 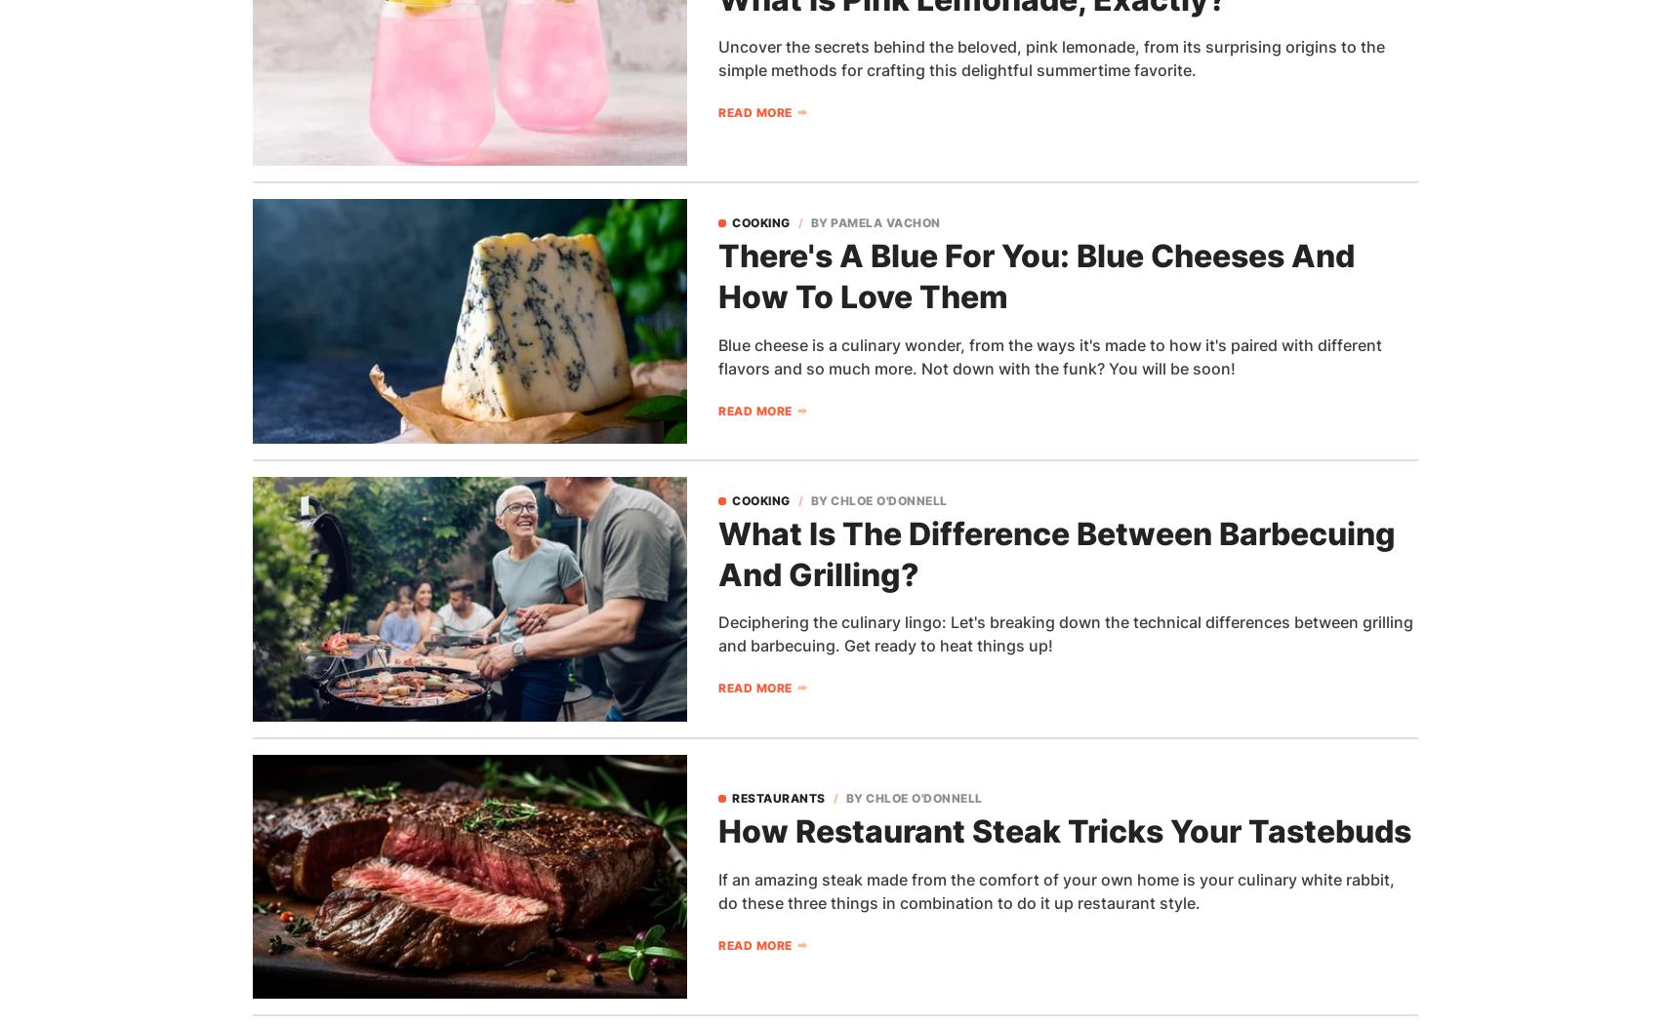 What do you see at coordinates (1065, 634) in the screenshot?
I see `'Deciphering the culinary lingo: Let's breaking down the technical differences between grilling and barbecuing. Get ready to heat things up!'` at bounding box center [1065, 634].